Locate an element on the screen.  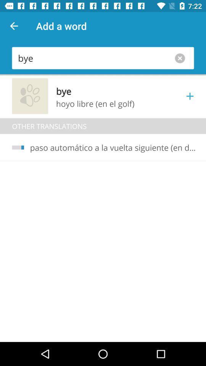
option is located at coordinates (181, 58).